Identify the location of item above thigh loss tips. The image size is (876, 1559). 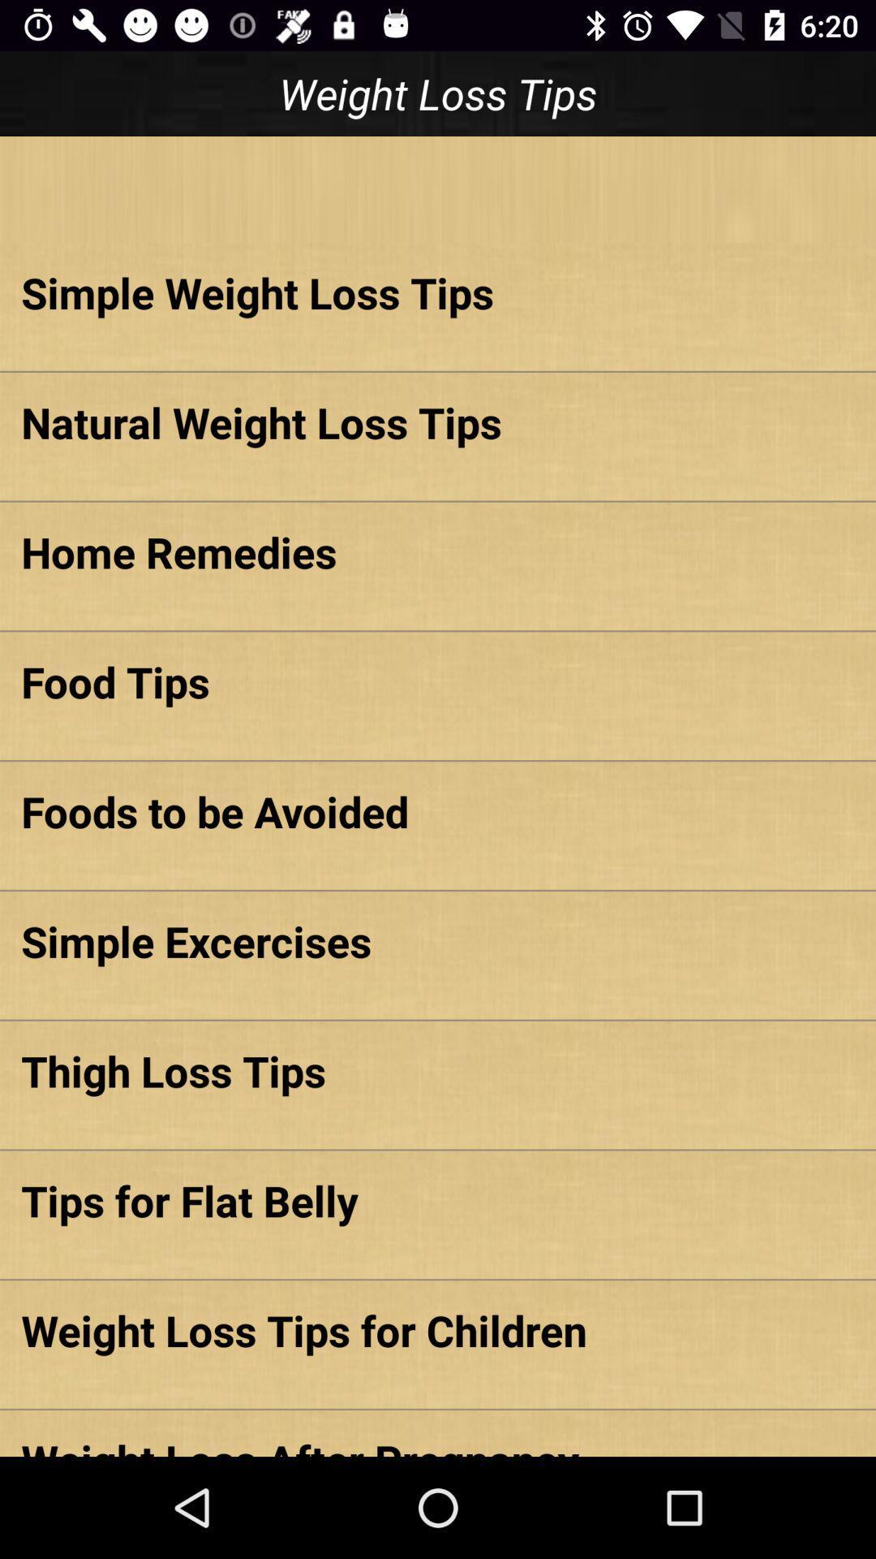
(438, 941).